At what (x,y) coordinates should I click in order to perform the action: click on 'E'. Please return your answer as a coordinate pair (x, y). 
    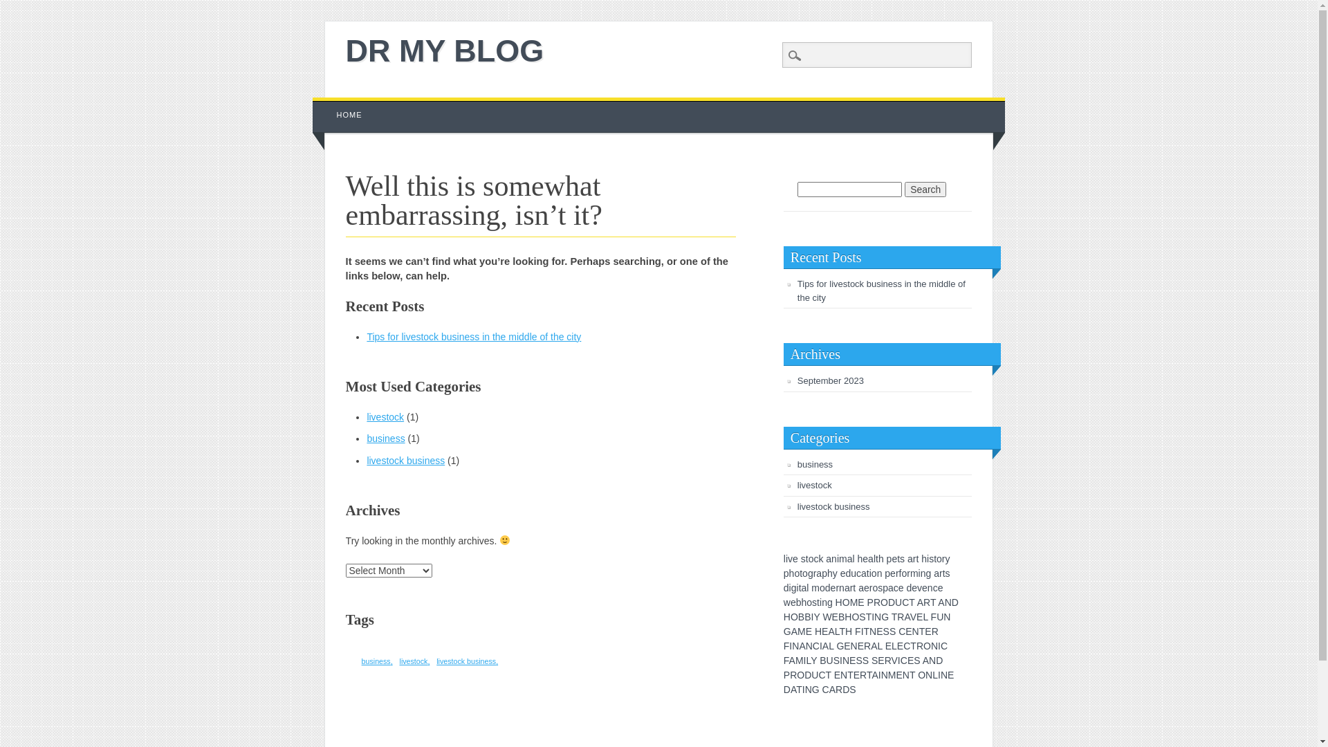
    Looking at the image, I should click on (888, 645).